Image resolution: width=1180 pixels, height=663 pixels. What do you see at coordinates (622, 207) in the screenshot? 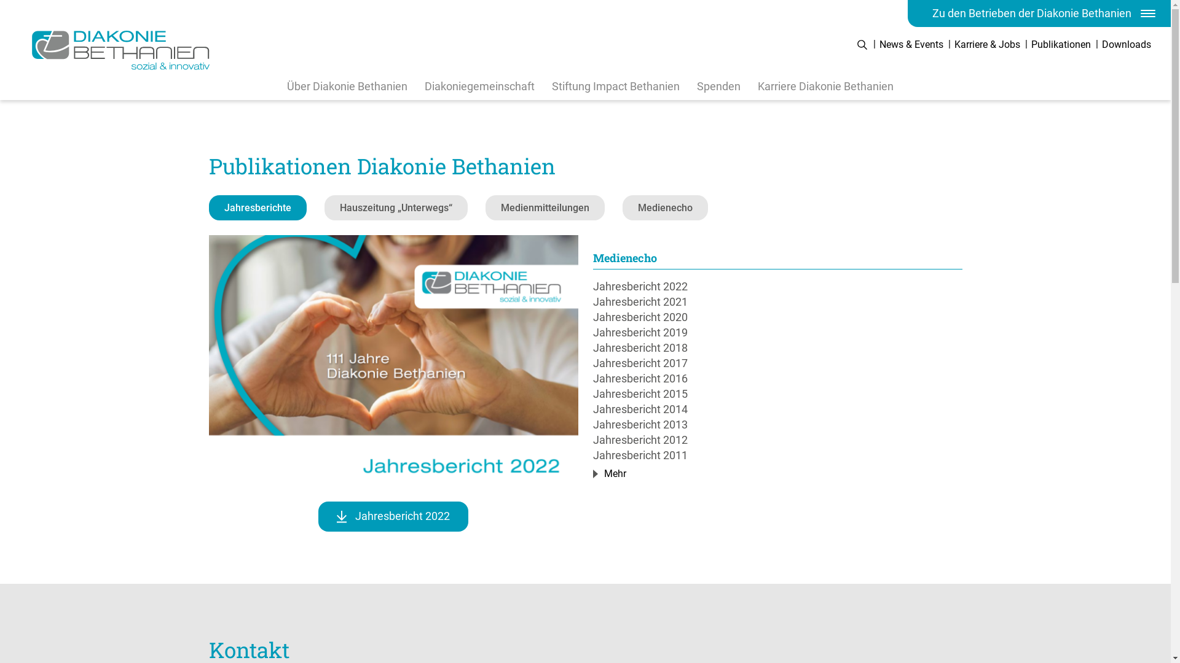
I see `'Medienecho'` at bounding box center [622, 207].